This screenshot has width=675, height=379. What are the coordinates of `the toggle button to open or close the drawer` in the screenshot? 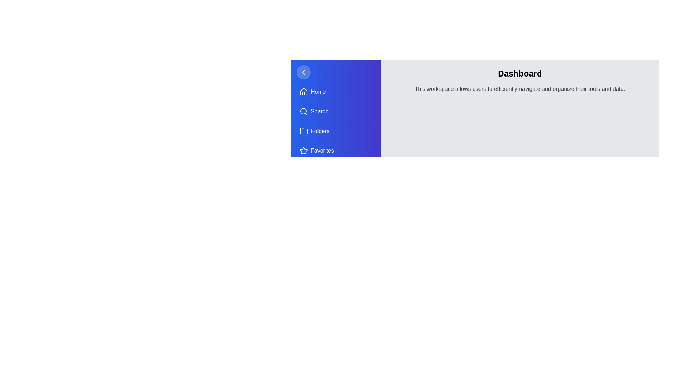 It's located at (304, 72).